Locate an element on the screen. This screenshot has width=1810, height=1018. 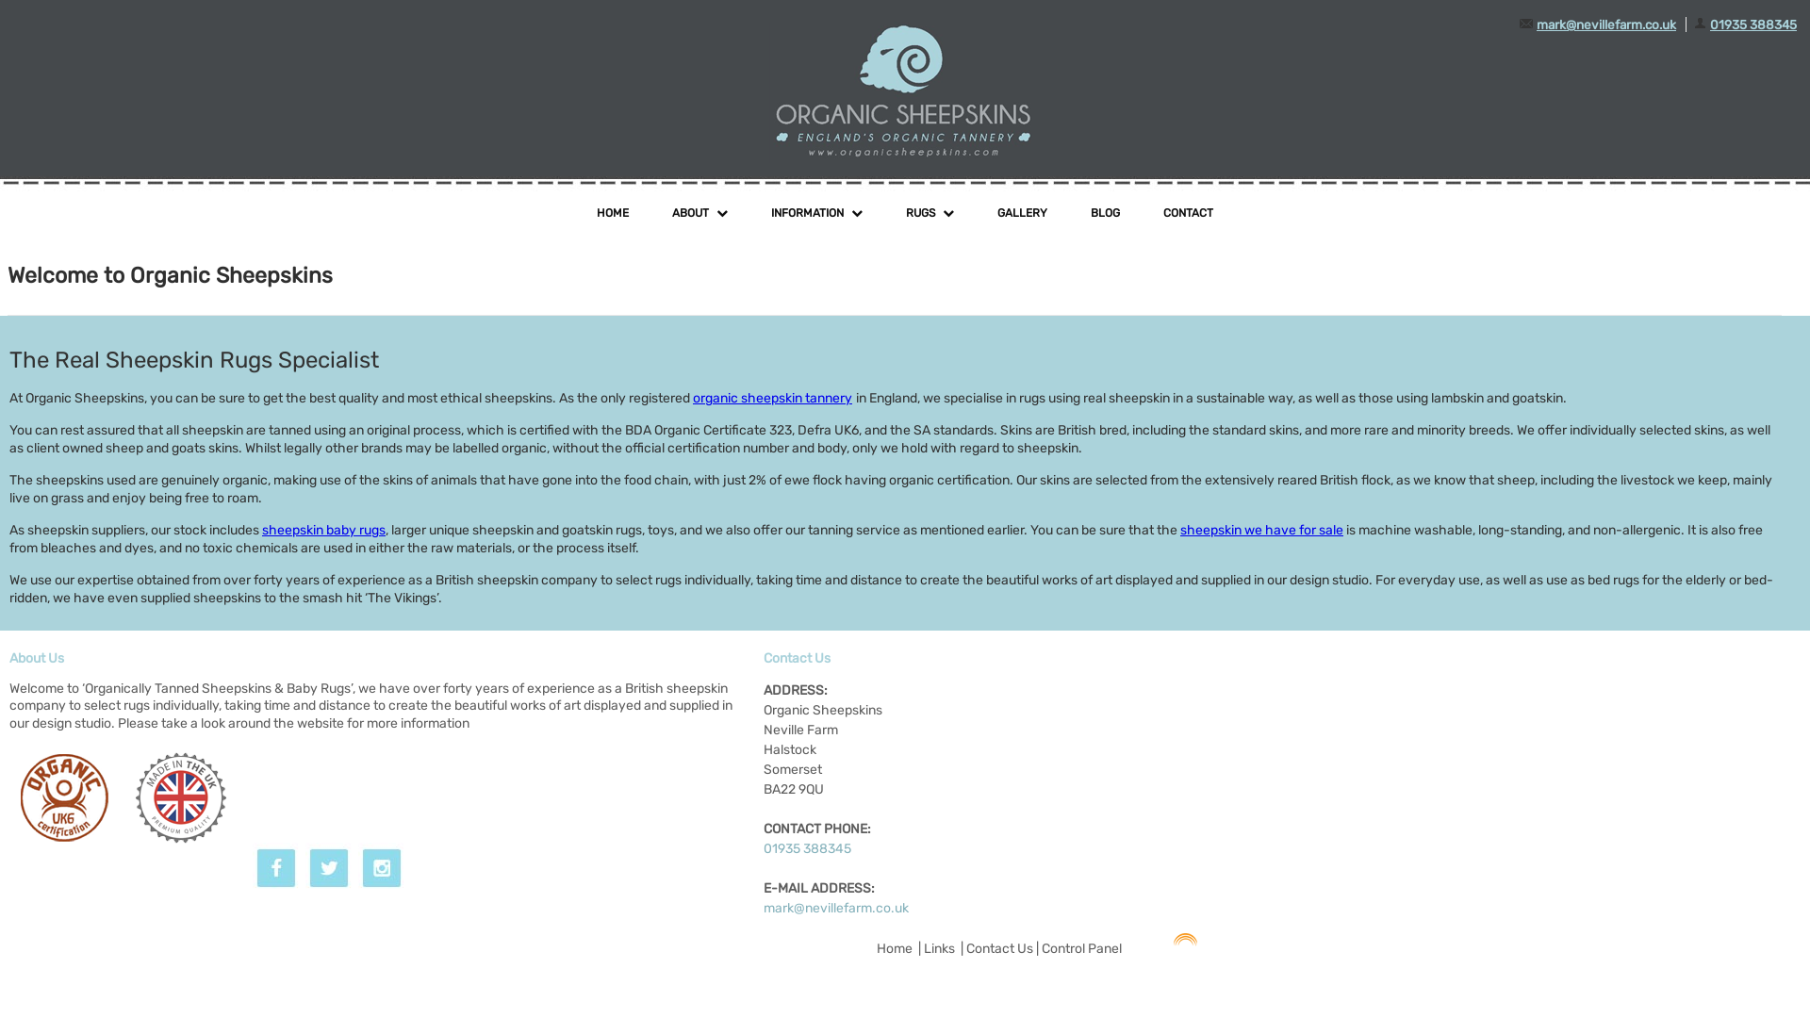
'HOME' is located at coordinates (612, 212).